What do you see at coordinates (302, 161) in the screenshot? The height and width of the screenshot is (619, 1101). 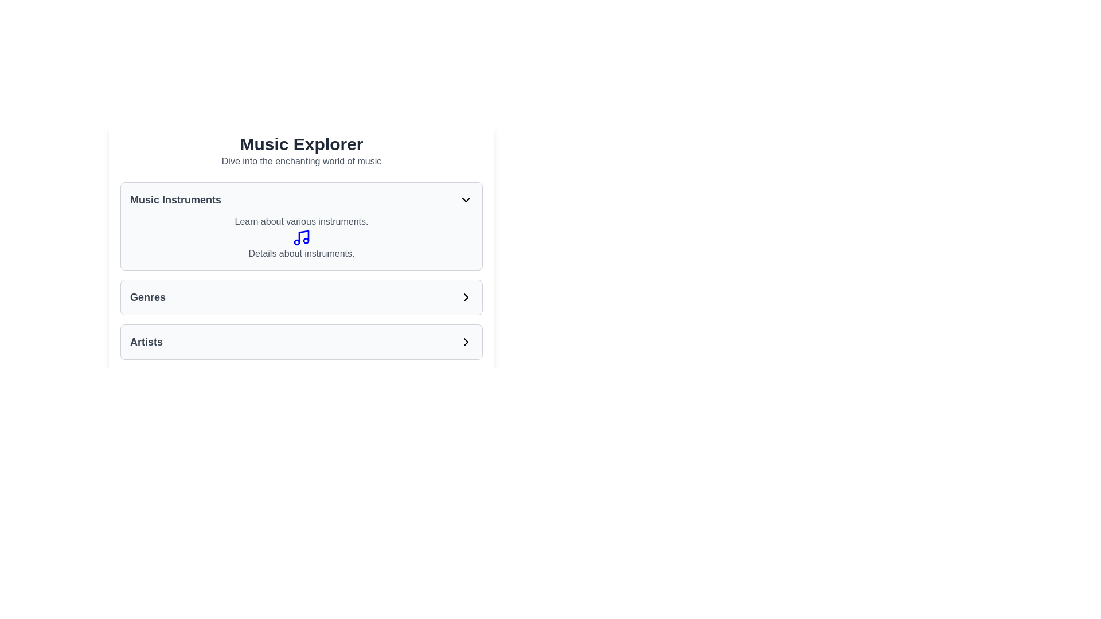 I see `the text element that reads 'Dive into the enchanting world of music', which is styled in gray and positioned centrally under the header 'Music Explorer'` at bounding box center [302, 161].